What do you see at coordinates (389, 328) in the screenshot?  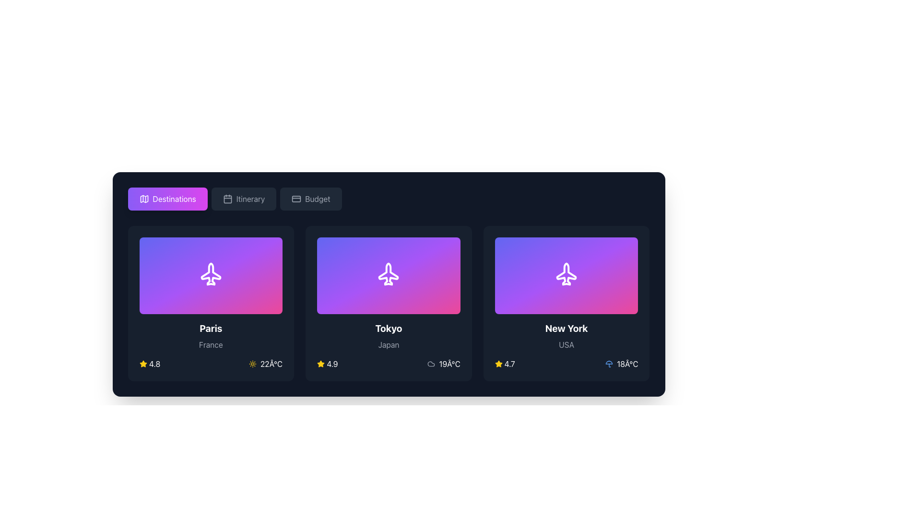 I see `text content of the label representing the city 'Tokyo' in the travel destination card UI, which is positioned below the airplane icon and above the text 'Japan.'` at bounding box center [389, 328].